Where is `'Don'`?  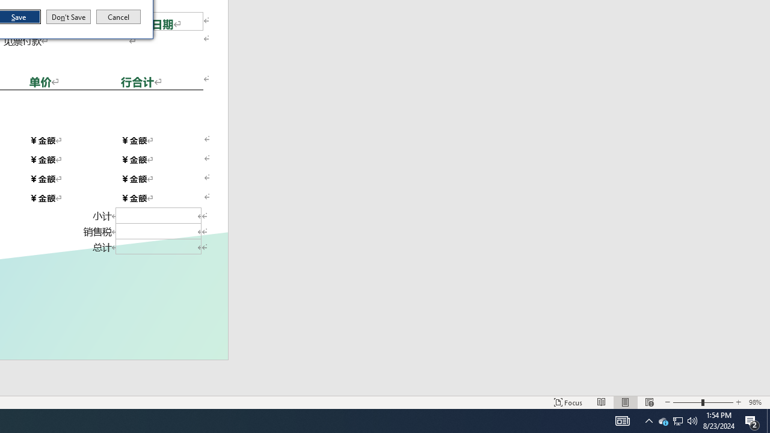 'Don' is located at coordinates (67, 17).